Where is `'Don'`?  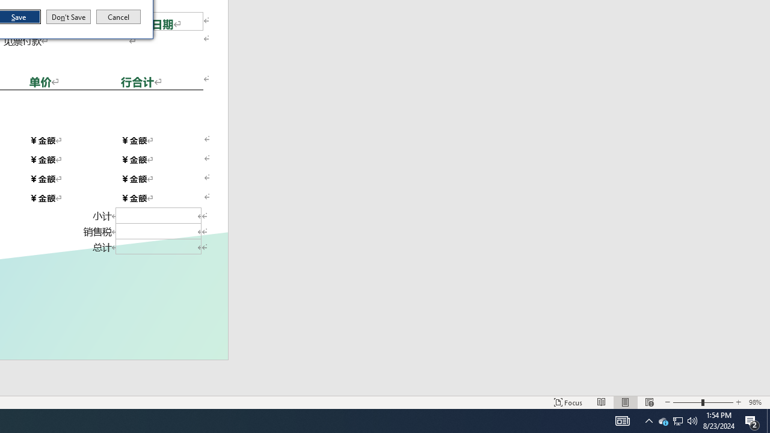 'Don' is located at coordinates (67, 17).